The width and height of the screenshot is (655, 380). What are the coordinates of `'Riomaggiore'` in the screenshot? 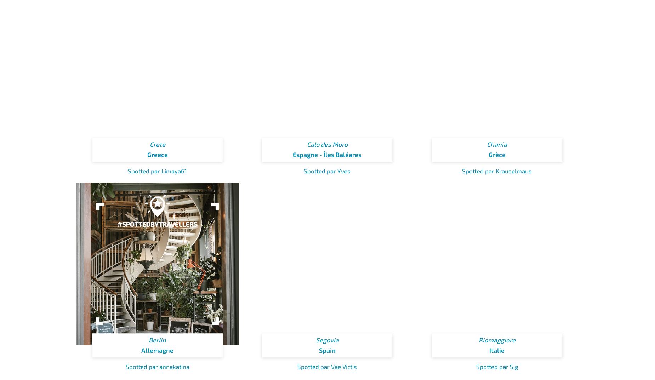 It's located at (497, 340).